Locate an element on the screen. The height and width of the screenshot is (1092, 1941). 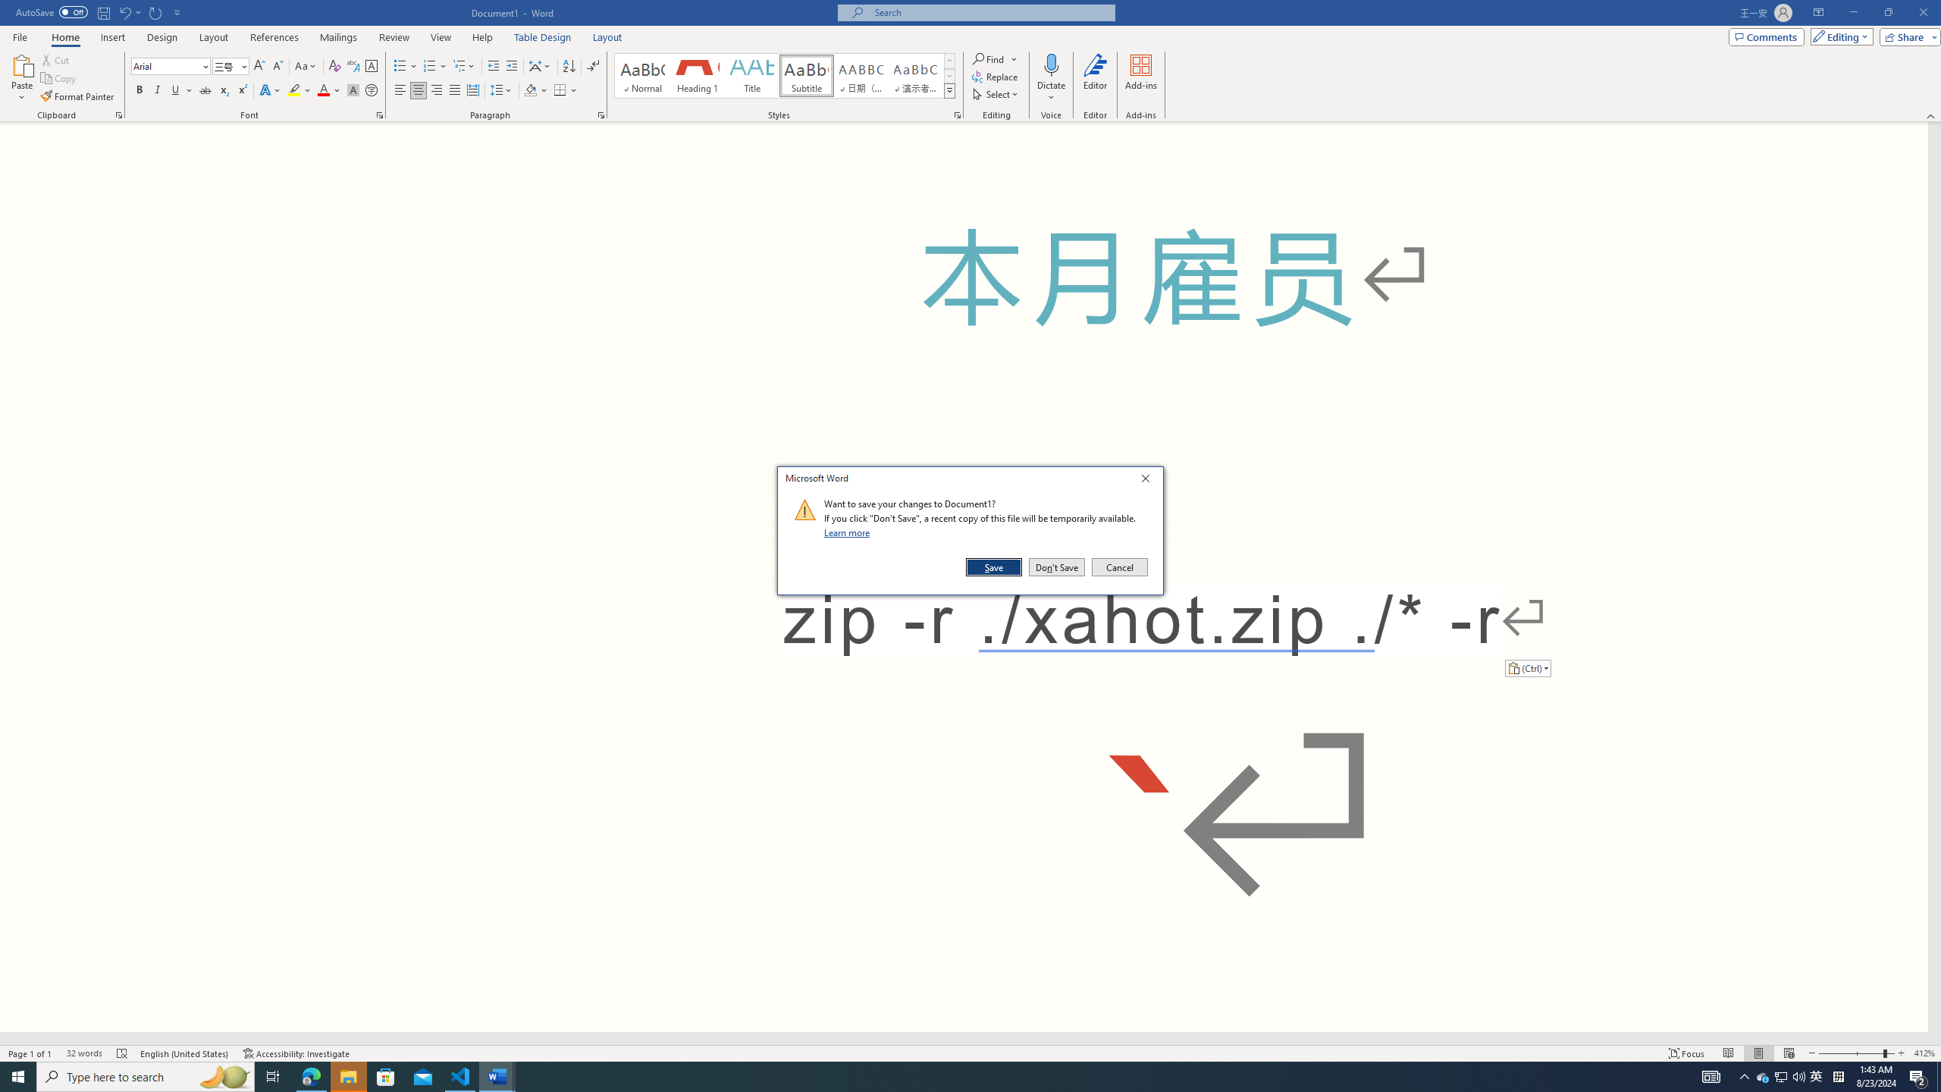
'Styles' is located at coordinates (949, 89).